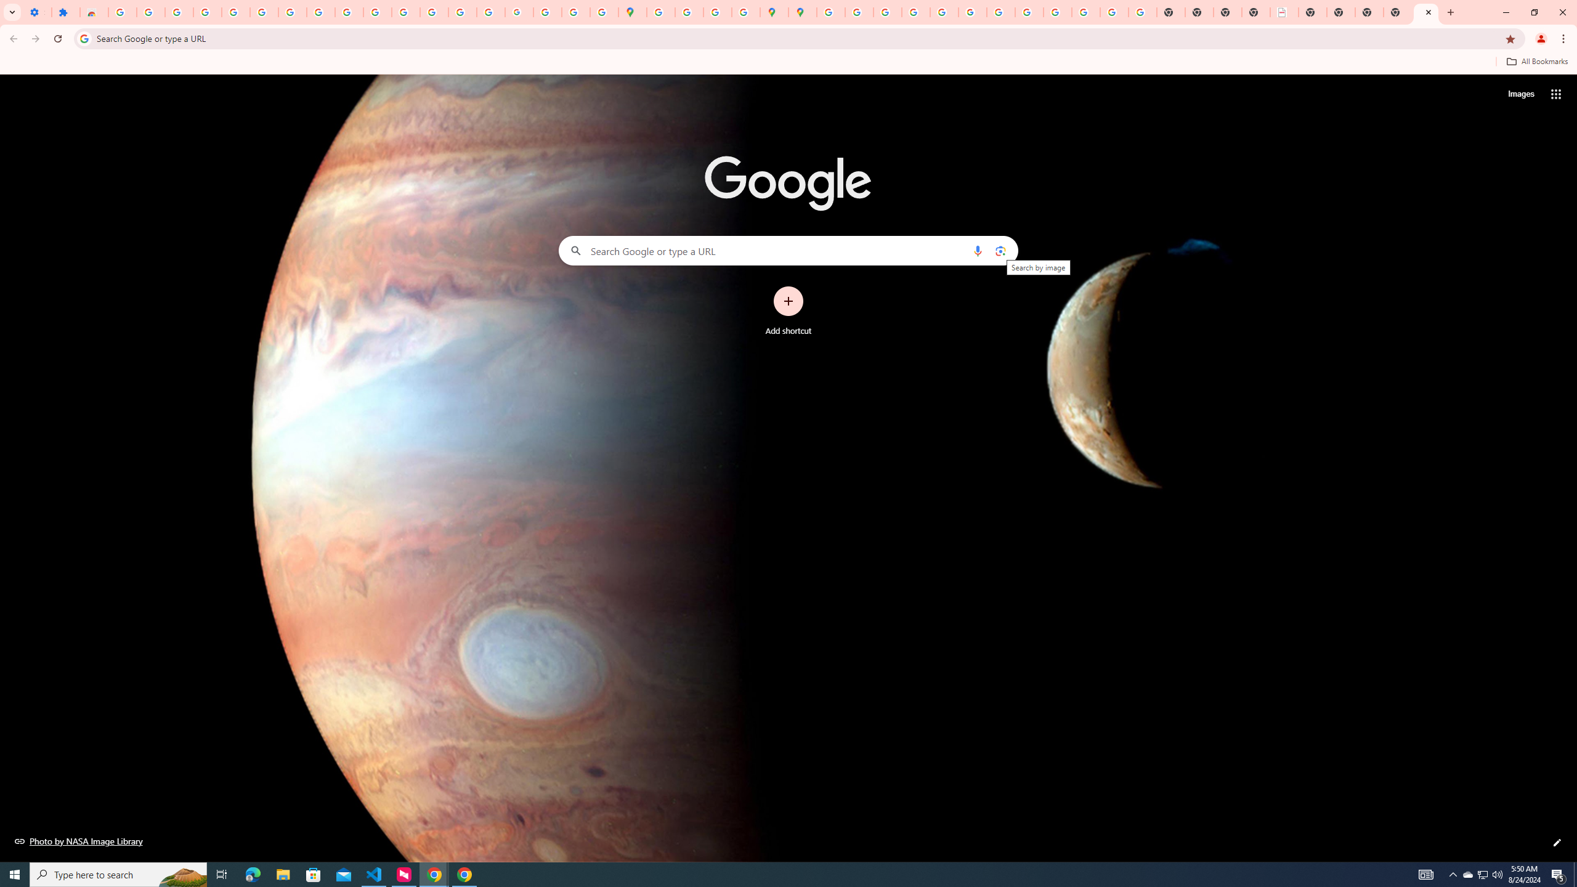 Image resolution: width=1577 pixels, height=887 pixels. What do you see at coordinates (121, 12) in the screenshot?
I see `'Sign in - Google Accounts'` at bounding box center [121, 12].